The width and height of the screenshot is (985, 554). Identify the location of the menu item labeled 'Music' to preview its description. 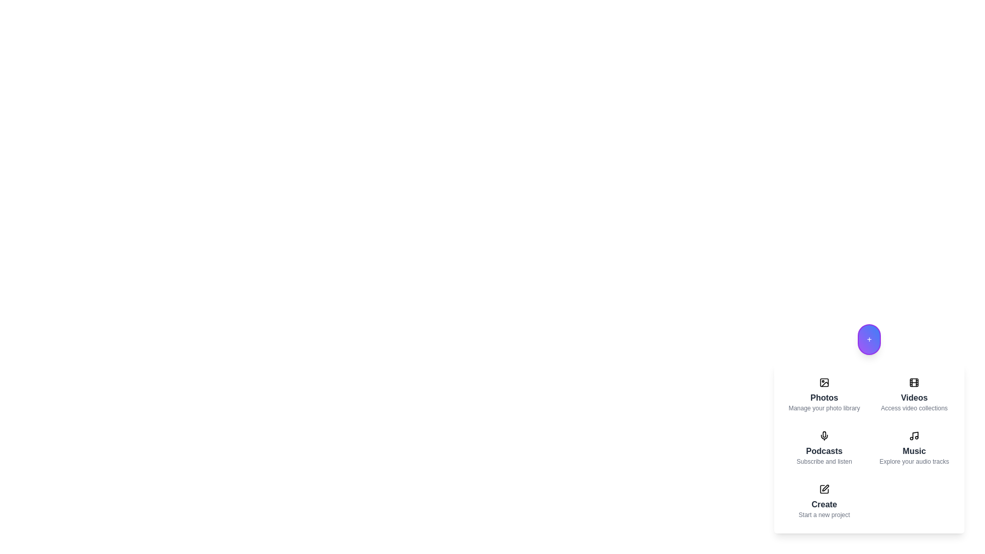
(914, 448).